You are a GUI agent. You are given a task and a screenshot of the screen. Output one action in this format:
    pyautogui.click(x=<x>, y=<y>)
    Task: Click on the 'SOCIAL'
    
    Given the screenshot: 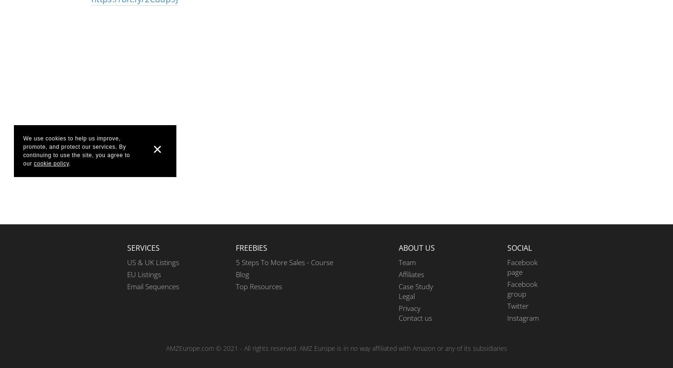 What is the action you would take?
    pyautogui.click(x=507, y=247)
    